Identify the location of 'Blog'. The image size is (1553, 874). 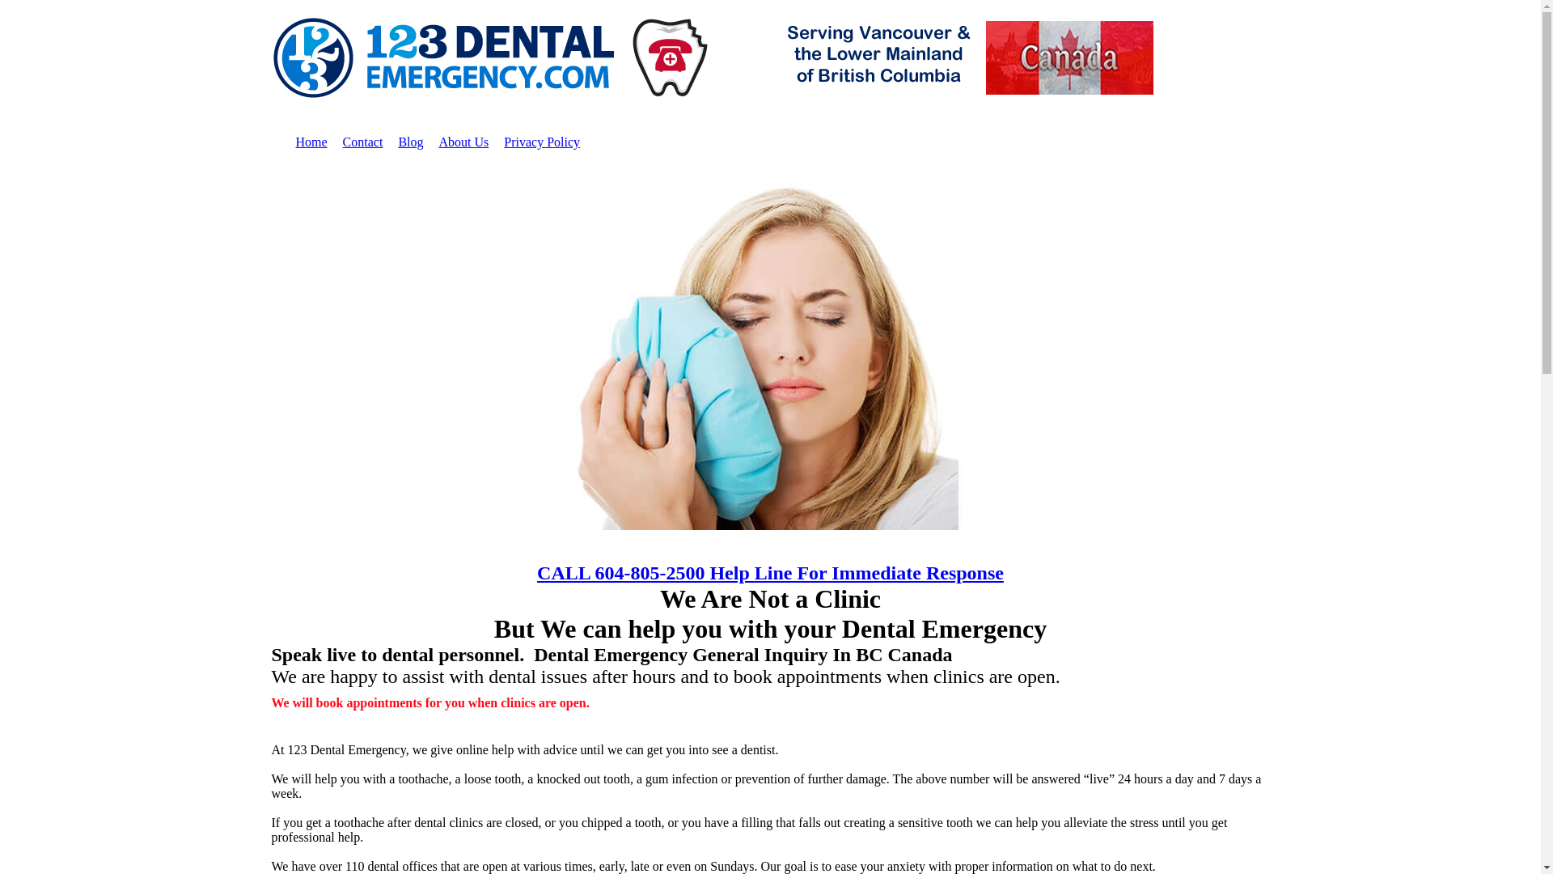
(410, 141).